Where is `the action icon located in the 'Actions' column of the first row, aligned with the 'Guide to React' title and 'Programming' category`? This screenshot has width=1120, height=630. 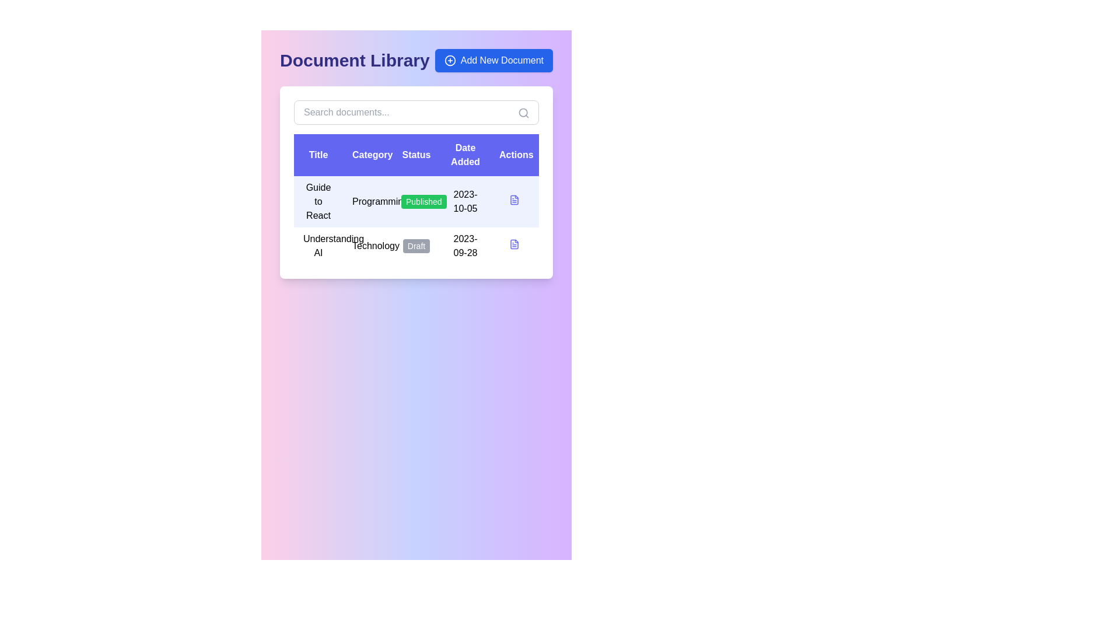
the action icon located in the 'Actions' column of the first row, aligned with the 'Guide to React' title and 'Programming' category is located at coordinates (514, 201).